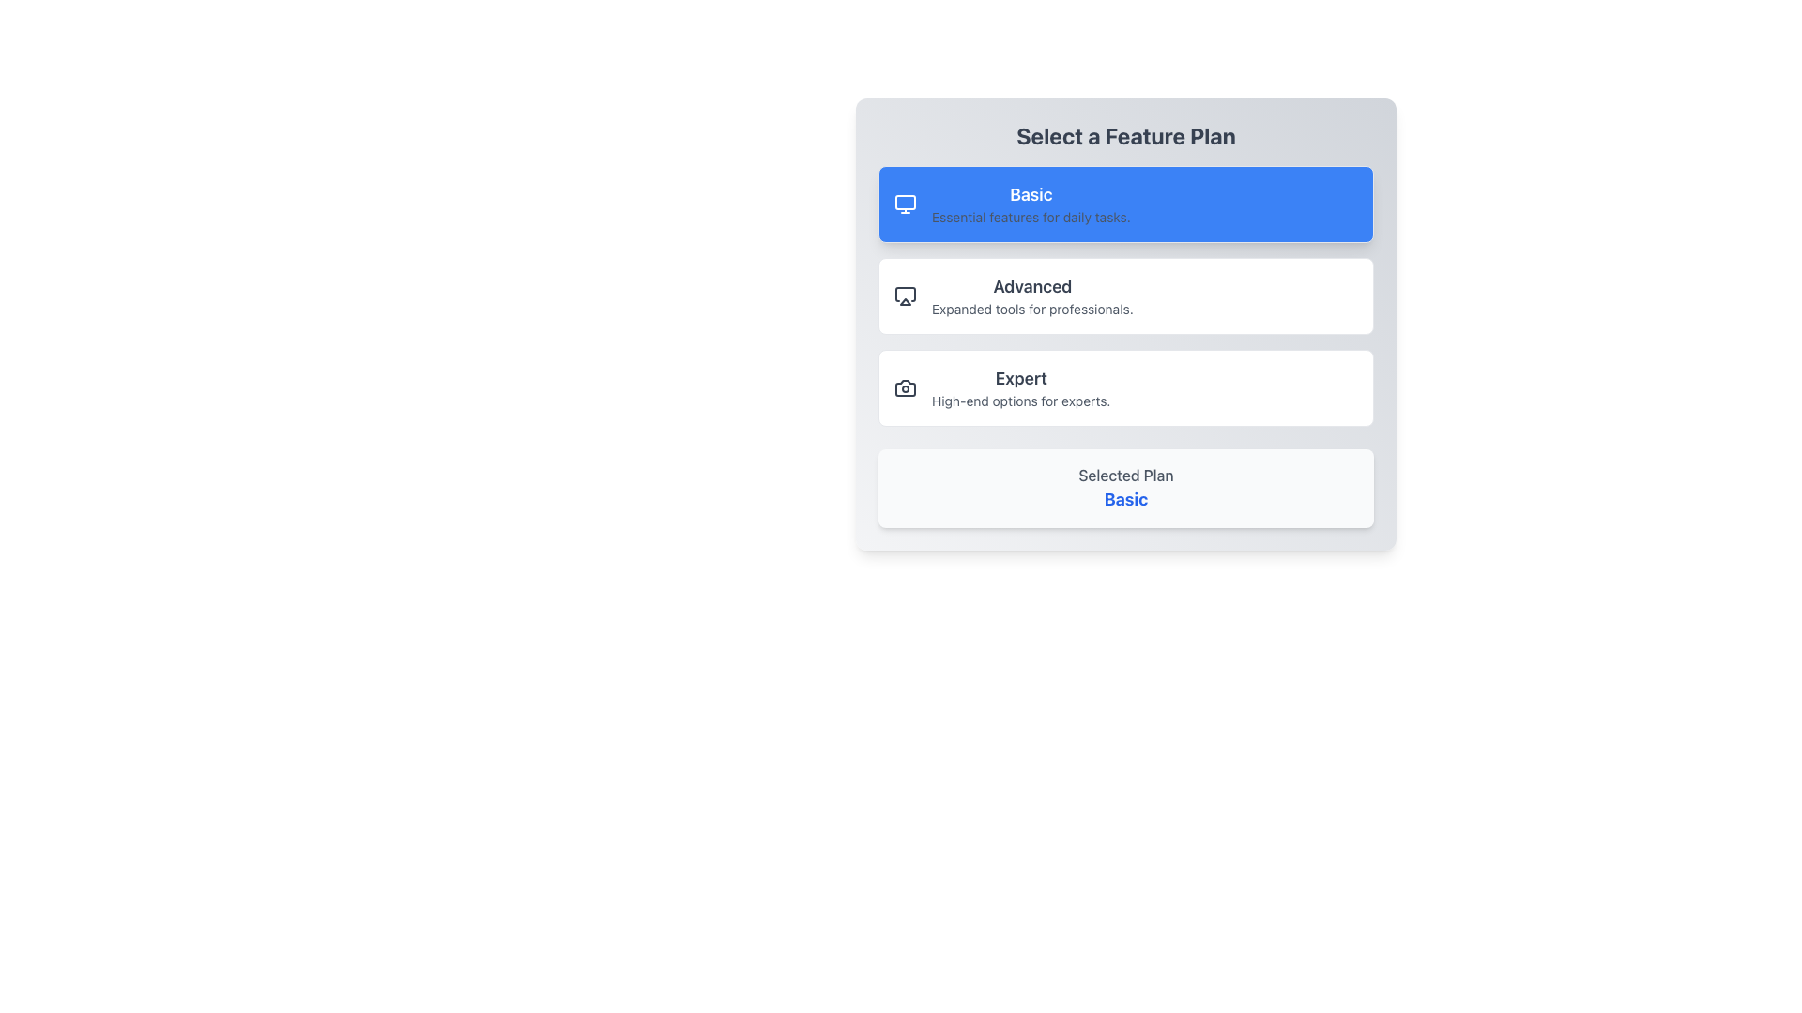  Describe the element at coordinates (905, 295) in the screenshot. I see `the 'Advanced' feature plan SVG icon, which is the first icon in the second row of vertically stacked feature options, adjacent to the text labels 'Advanced' and 'Expanded tools for professionals.'` at that location.